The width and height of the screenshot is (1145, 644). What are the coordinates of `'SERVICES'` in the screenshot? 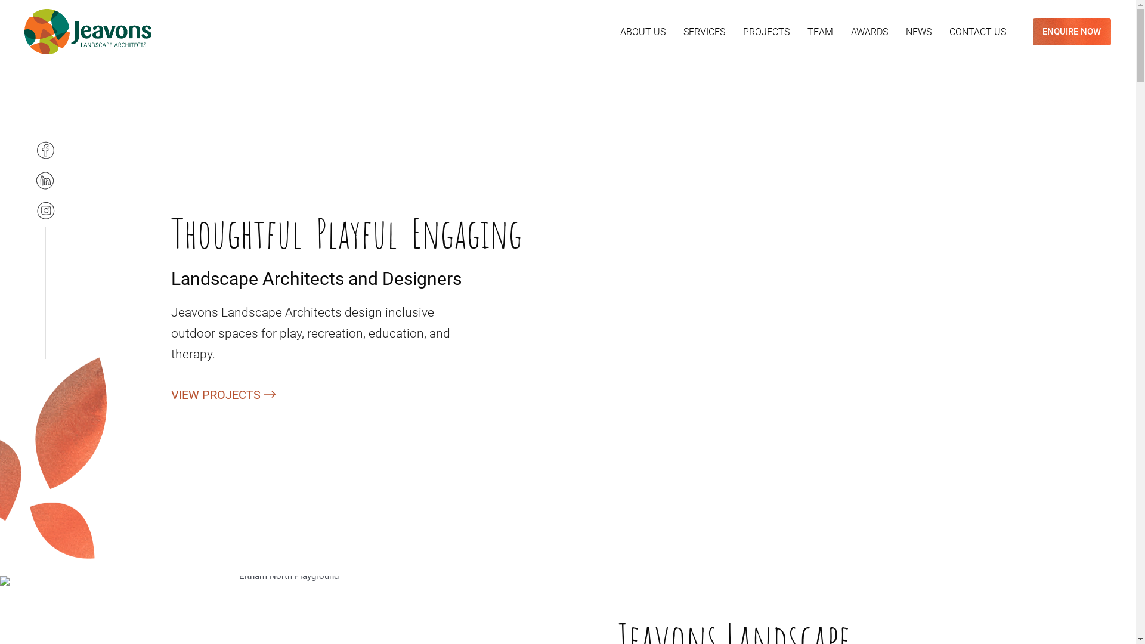 It's located at (704, 31).